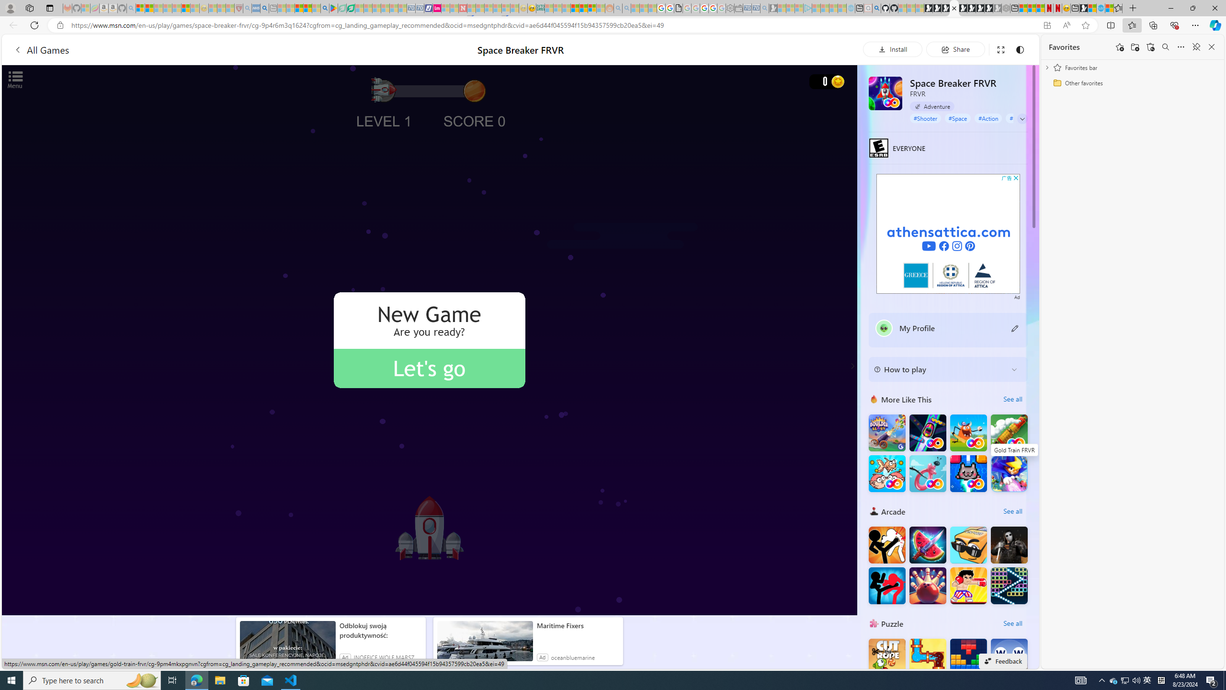  I want to click on 'Microsoft-Report a Concern to Bing - Sleeping', so click(86, 8).